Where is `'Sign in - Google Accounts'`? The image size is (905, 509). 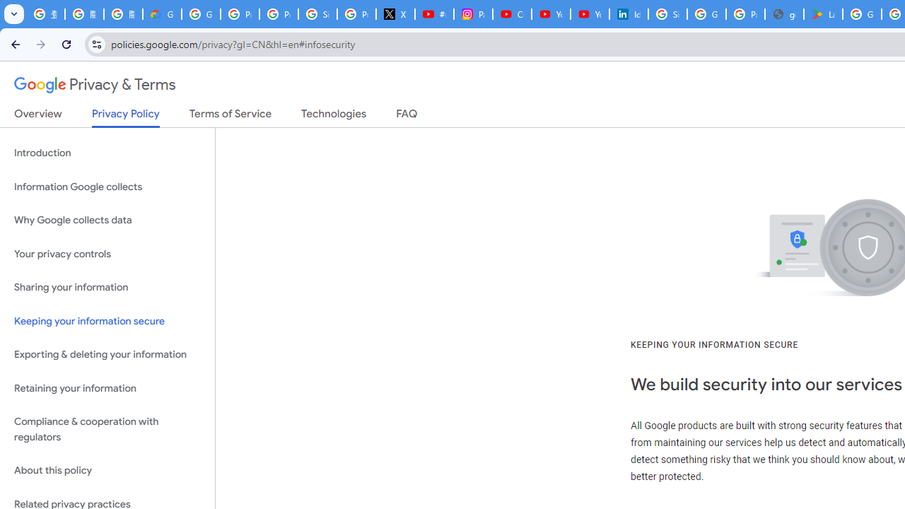
'Sign in - Google Accounts' is located at coordinates (667, 14).